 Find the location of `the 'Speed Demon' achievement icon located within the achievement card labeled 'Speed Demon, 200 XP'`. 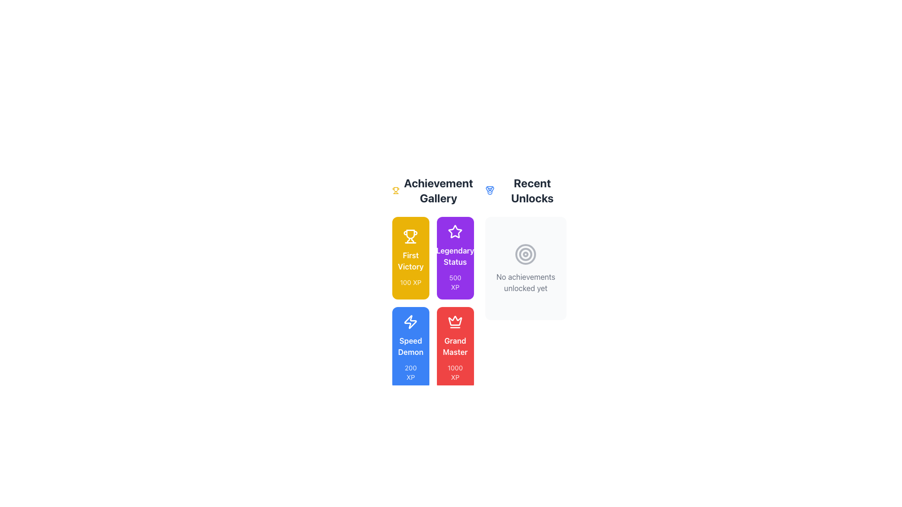

the 'Speed Demon' achievement icon located within the achievement card labeled 'Speed Demon, 200 XP' is located at coordinates (411, 322).